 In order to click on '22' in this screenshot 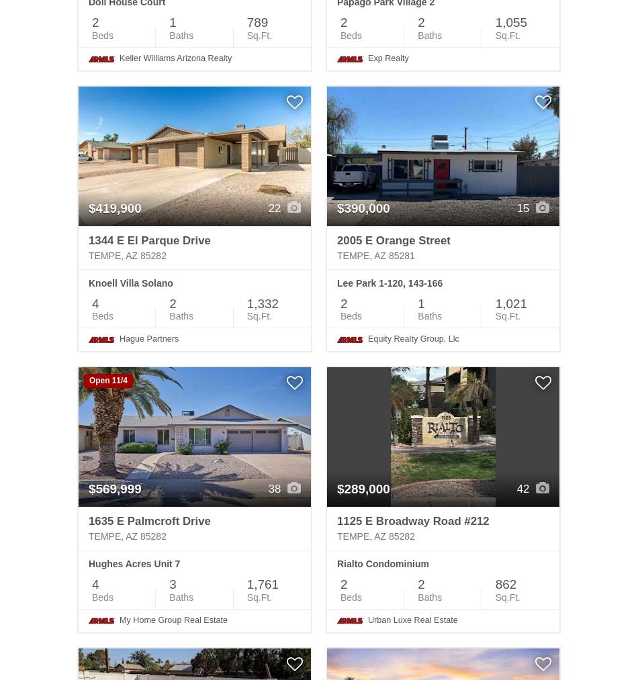, I will do `click(275, 207)`.